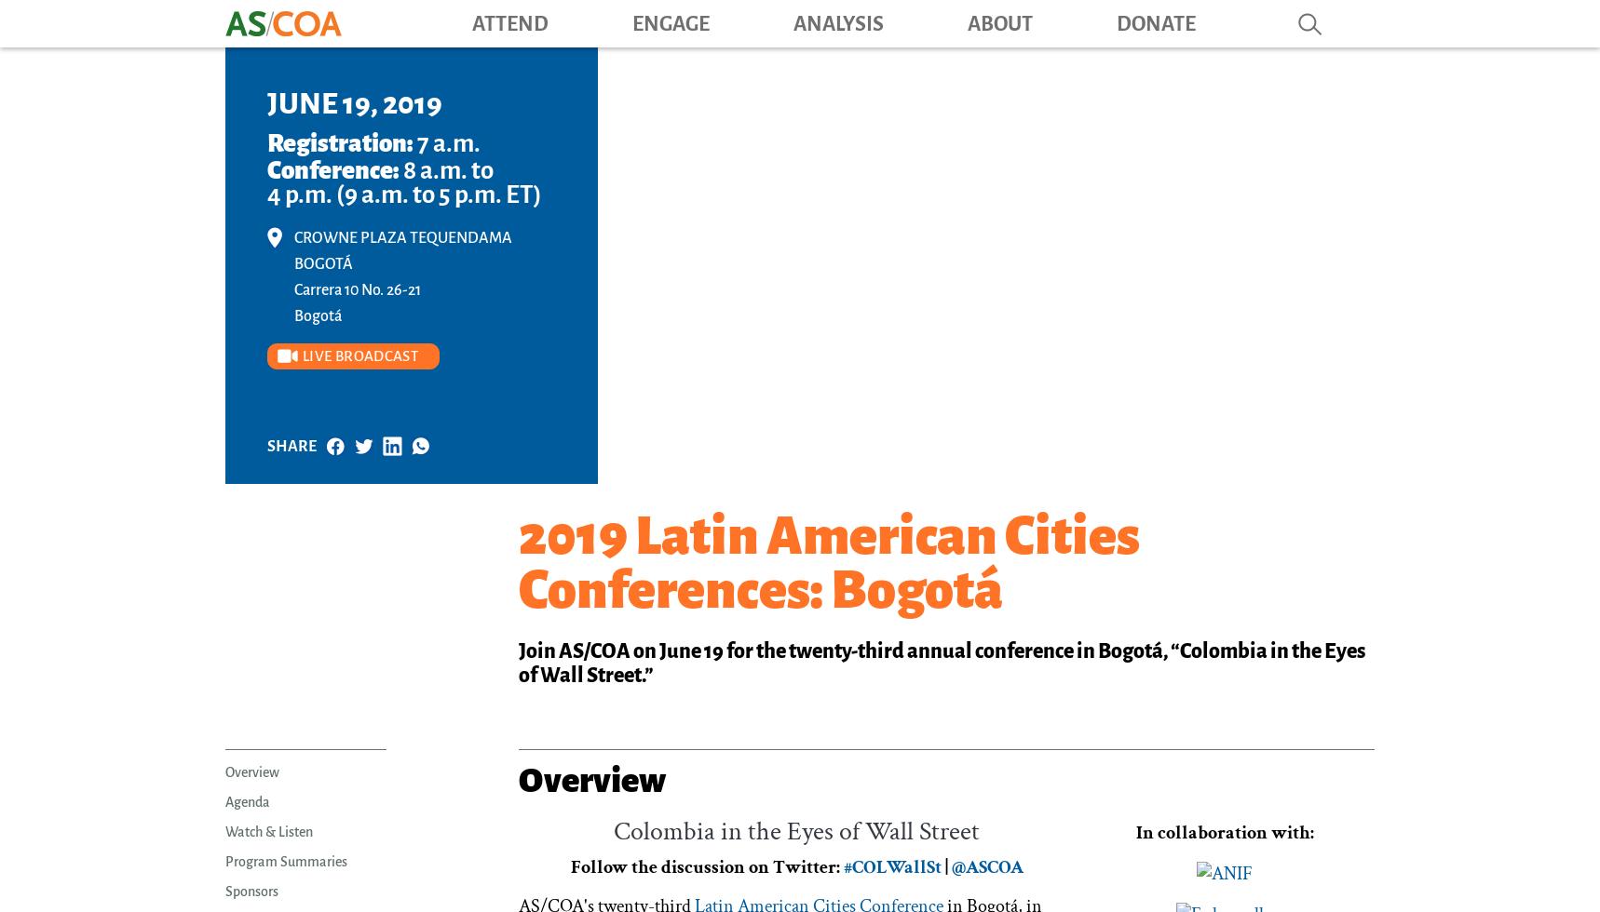 This screenshot has width=1600, height=912. Describe the element at coordinates (447, 143) in the screenshot. I see `'7 a.m.'` at that location.